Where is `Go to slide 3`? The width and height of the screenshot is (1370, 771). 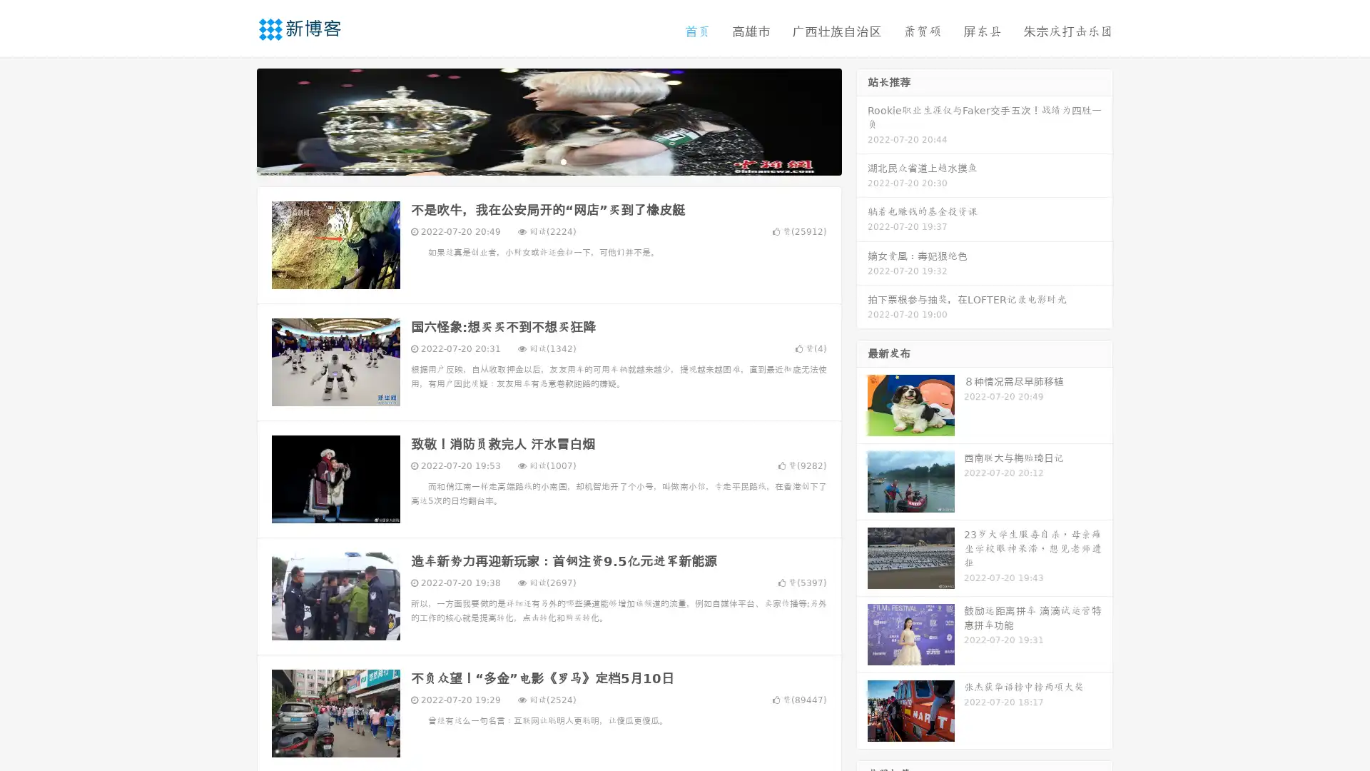
Go to slide 3 is located at coordinates (563, 161).